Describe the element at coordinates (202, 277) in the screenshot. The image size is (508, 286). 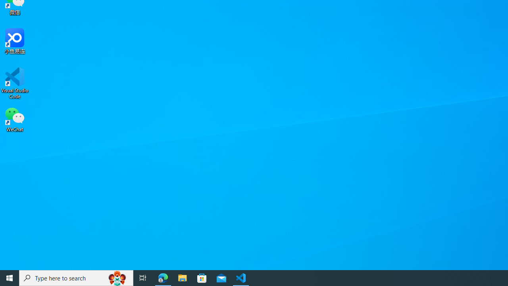
I see `'Microsoft Store'` at that location.